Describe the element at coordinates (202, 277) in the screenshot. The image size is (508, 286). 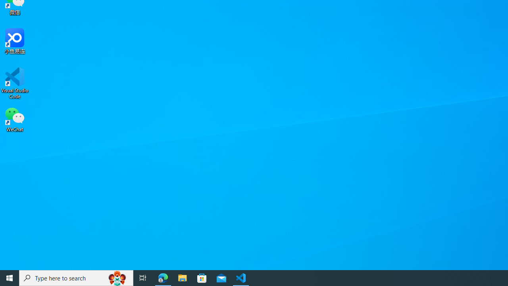
I see `'Microsoft Store'` at that location.